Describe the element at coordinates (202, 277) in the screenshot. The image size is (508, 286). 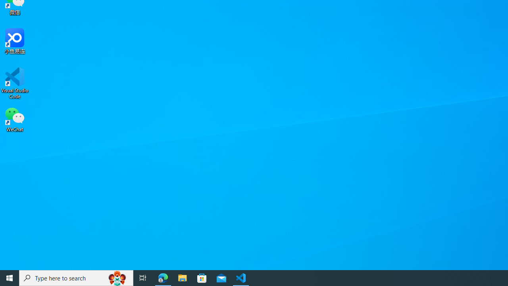
I see `'Microsoft Store'` at that location.